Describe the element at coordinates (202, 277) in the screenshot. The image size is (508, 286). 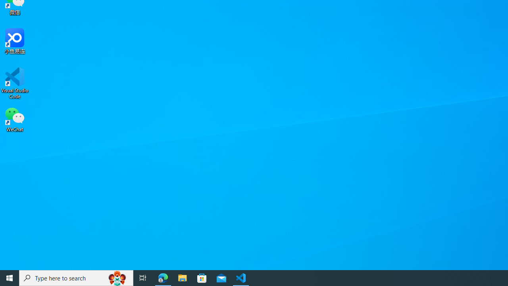
I see `'Microsoft Store'` at that location.